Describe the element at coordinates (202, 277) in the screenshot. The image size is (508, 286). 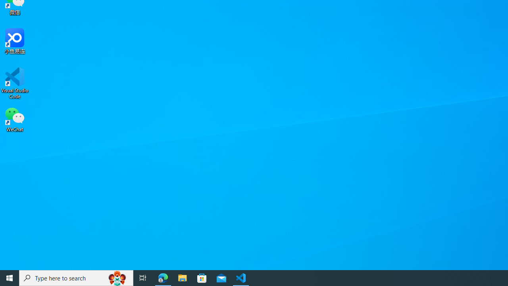
I see `'Microsoft Store'` at that location.